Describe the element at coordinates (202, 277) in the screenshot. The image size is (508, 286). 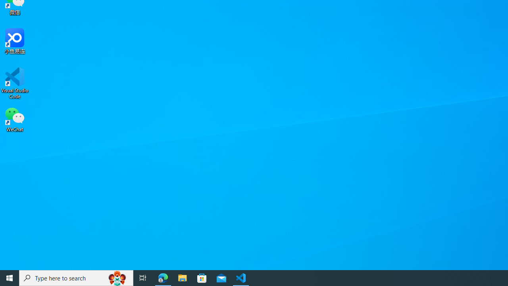
I see `'Microsoft Store'` at that location.